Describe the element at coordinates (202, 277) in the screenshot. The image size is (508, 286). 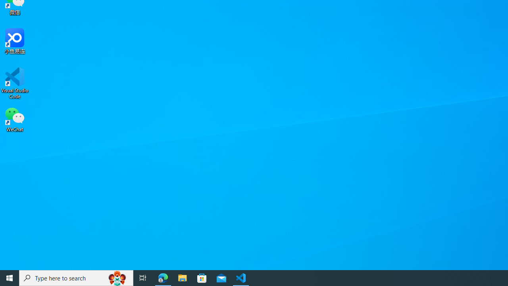
I see `'Microsoft Store'` at that location.